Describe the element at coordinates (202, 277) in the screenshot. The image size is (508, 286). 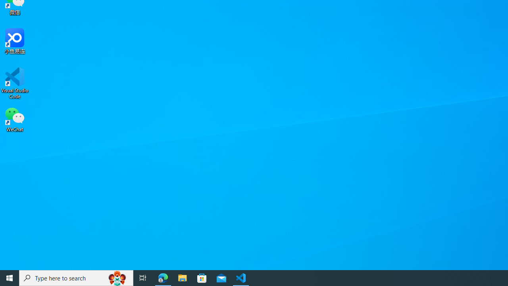
I see `'Microsoft Store'` at that location.